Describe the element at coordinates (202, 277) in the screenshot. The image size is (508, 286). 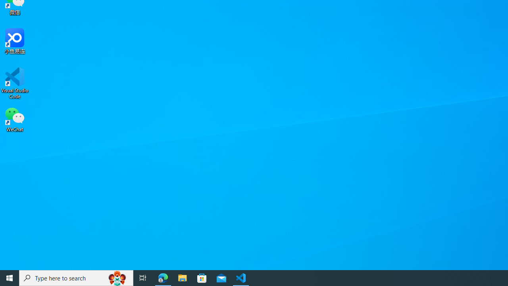
I see `'Microsoft Store'` at that location.